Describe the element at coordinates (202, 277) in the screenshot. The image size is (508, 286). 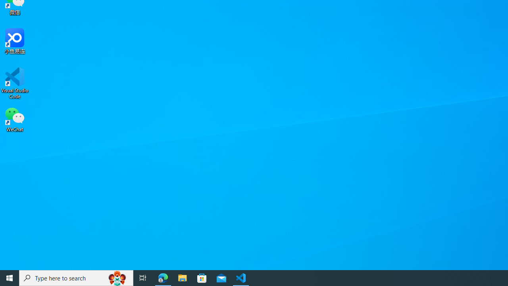
I see `'Microsoft Store'` at that location.